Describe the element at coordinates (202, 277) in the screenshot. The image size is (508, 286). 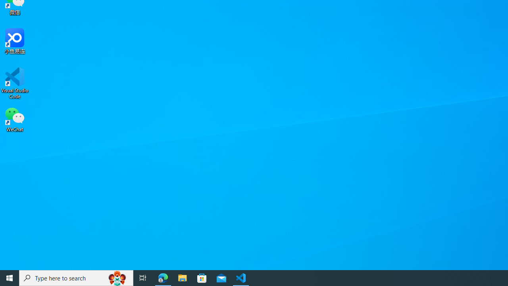
I see `'Microsoft Store'` at that location.